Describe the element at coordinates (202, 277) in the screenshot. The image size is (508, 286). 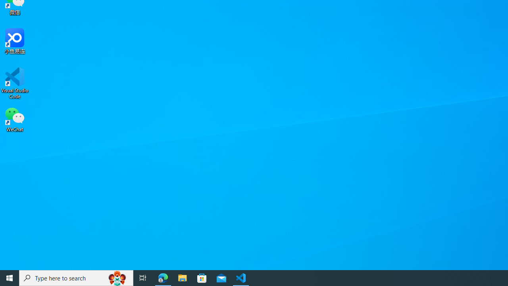
I see `'Microsoft Store'` at that location.